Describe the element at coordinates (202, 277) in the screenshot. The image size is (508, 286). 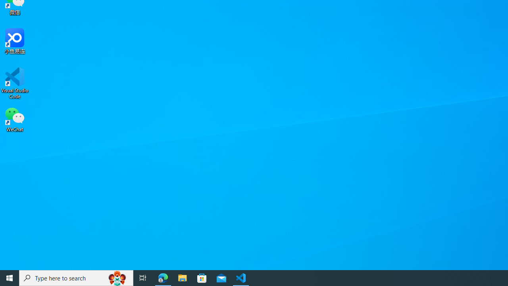
I see `'Microsoft Store'` at that location.